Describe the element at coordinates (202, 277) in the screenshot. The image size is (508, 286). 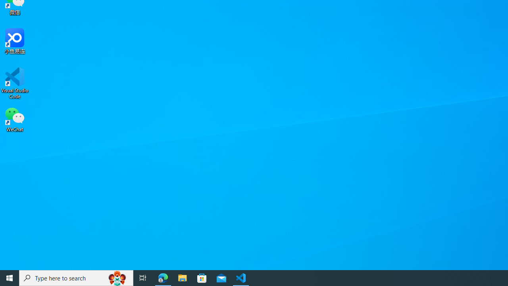
I see `'Microsoft Store'` at that location.